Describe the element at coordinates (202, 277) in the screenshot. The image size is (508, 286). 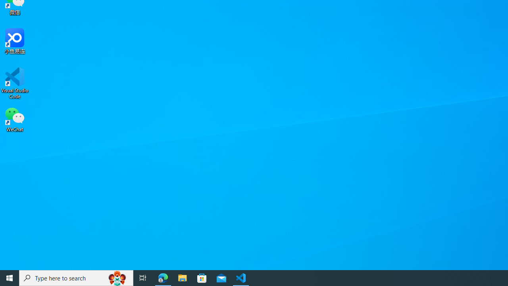
I see `'Microsoft Store'` at that location.